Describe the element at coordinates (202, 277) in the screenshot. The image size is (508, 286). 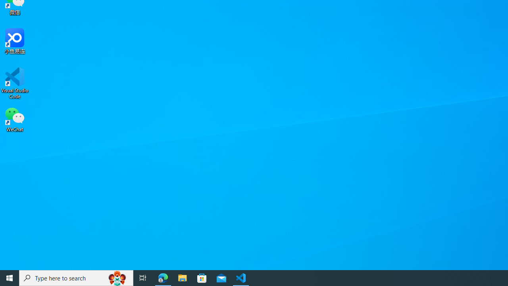
I see `'Microsoft Store'` at that location.